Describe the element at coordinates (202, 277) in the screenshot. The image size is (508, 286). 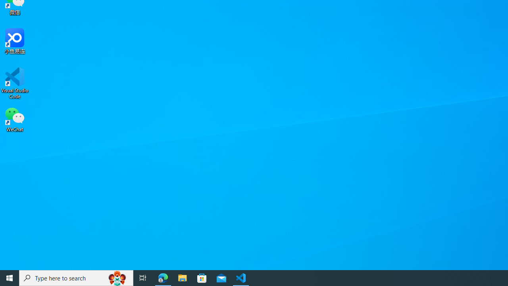
I see `'Microsoft Store'` at that location.